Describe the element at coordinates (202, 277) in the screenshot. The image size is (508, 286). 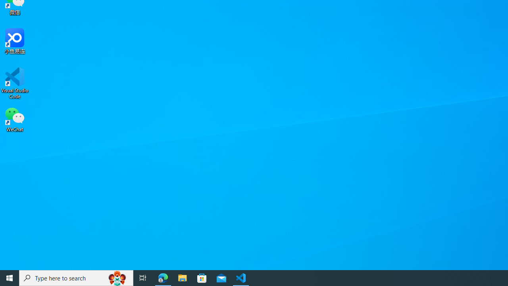
I see `'Microsoft Store'` at that location.